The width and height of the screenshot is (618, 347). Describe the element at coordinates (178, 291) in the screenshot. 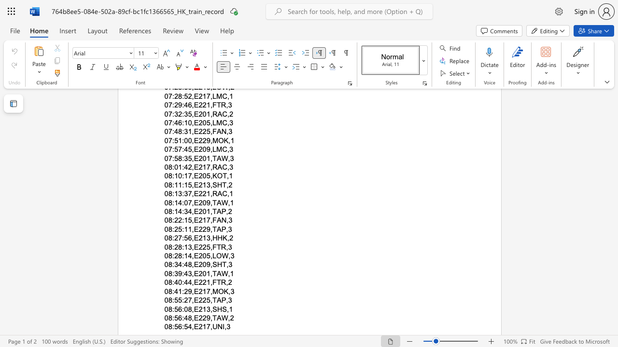

I see `the subset text "1:29,E217,MOK" within the text "08:41:29,E217,MOK,3"` at that location.